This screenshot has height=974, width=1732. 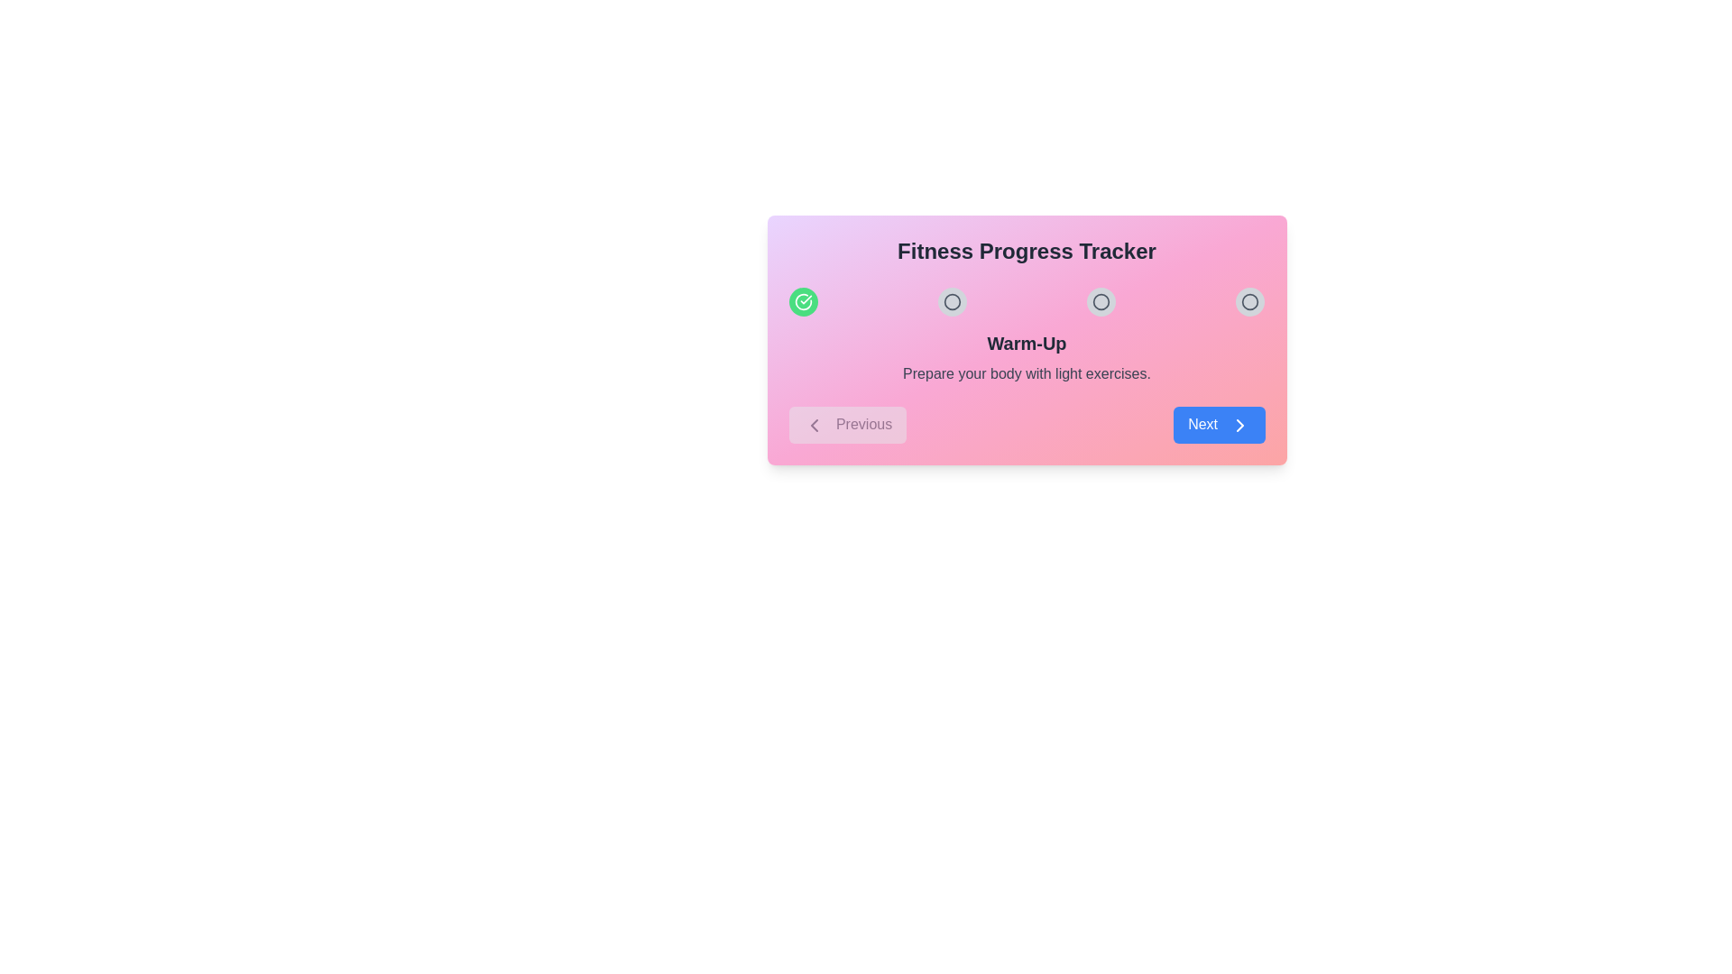 I want to click on the green circular Indicator button with a white checkmark icon, which is the first button in a horizontal arrangement of four buttons, so click(x=802, y=301).